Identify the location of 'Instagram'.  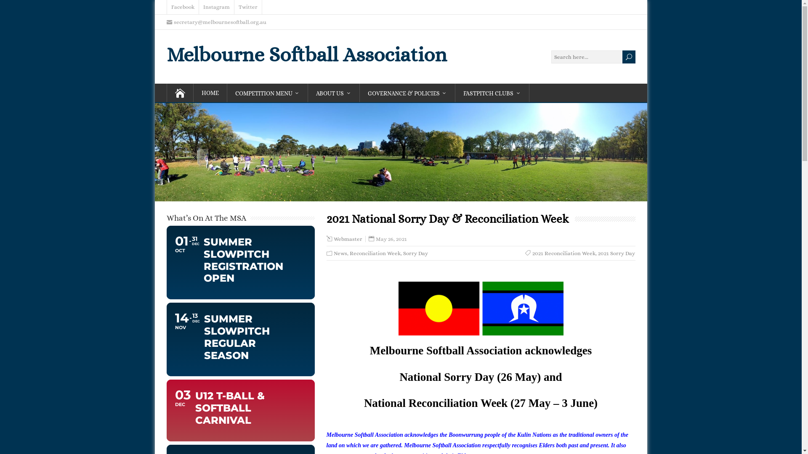
(216, 7).